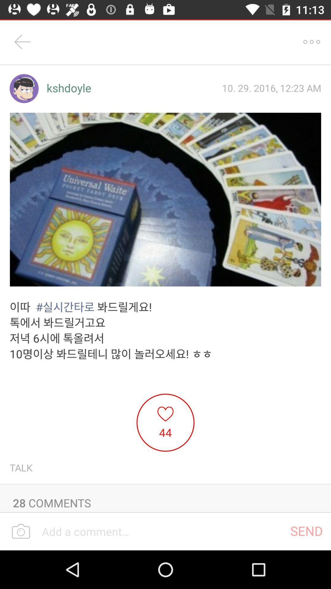  I want to click on maximize picture, so click(165, 199).